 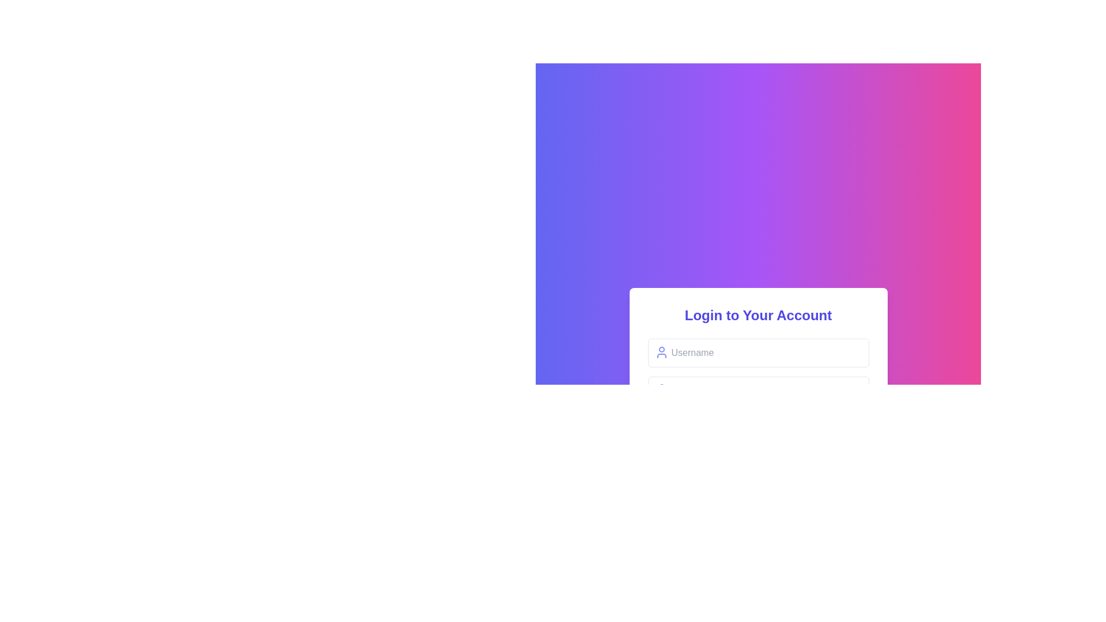 I want to click on the indigo user profile icon located to the left of the username input field in the login form under the title 'Login to Your Account', so click(x=661, y=352).